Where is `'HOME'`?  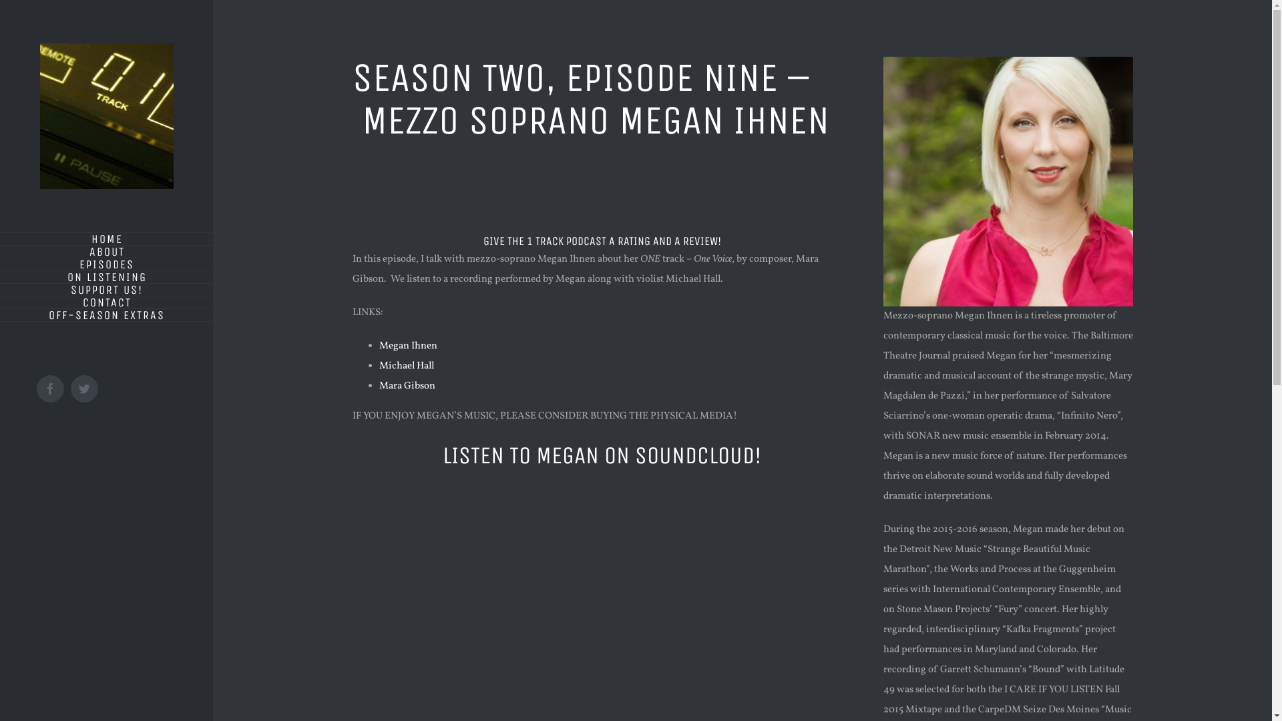 'HOME' is located at coordinates (0, 238).